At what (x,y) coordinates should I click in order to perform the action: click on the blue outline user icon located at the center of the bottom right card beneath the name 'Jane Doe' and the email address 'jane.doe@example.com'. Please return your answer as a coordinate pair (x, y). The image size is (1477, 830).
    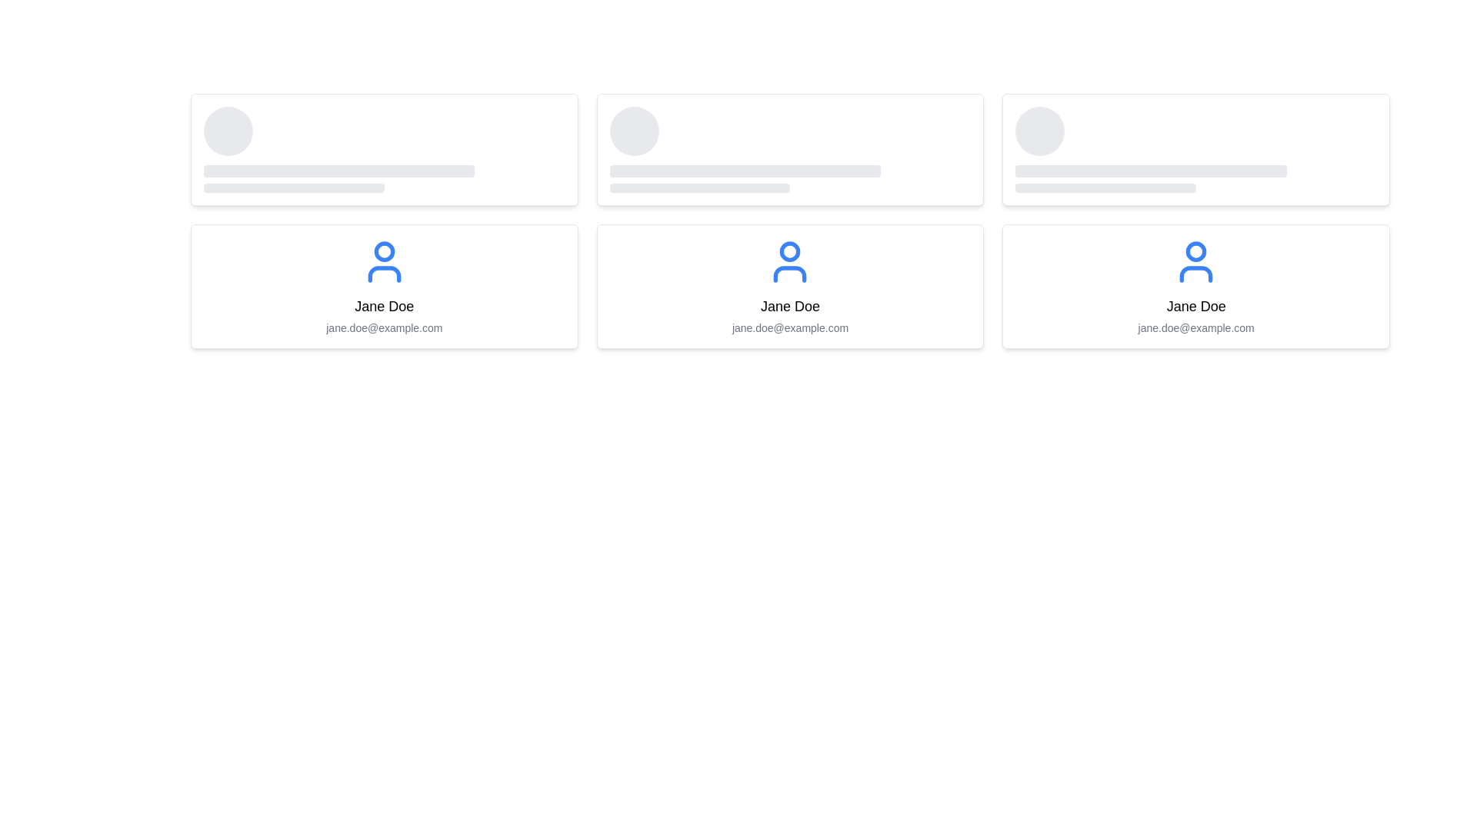
    Looking at the image, I should click on (1195, 261).